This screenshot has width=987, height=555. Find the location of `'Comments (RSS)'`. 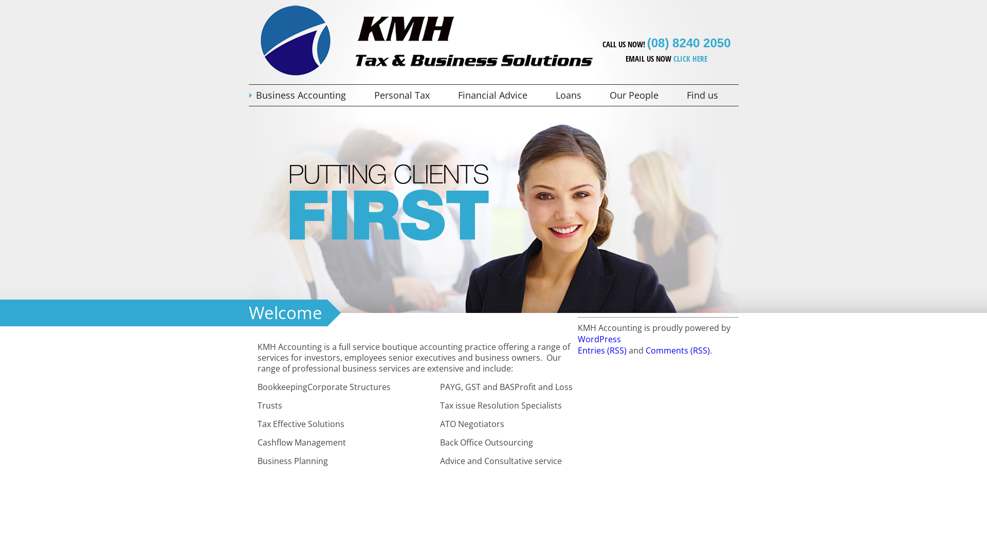

'Comments (RSS)' is located at coordinates (678, 350).